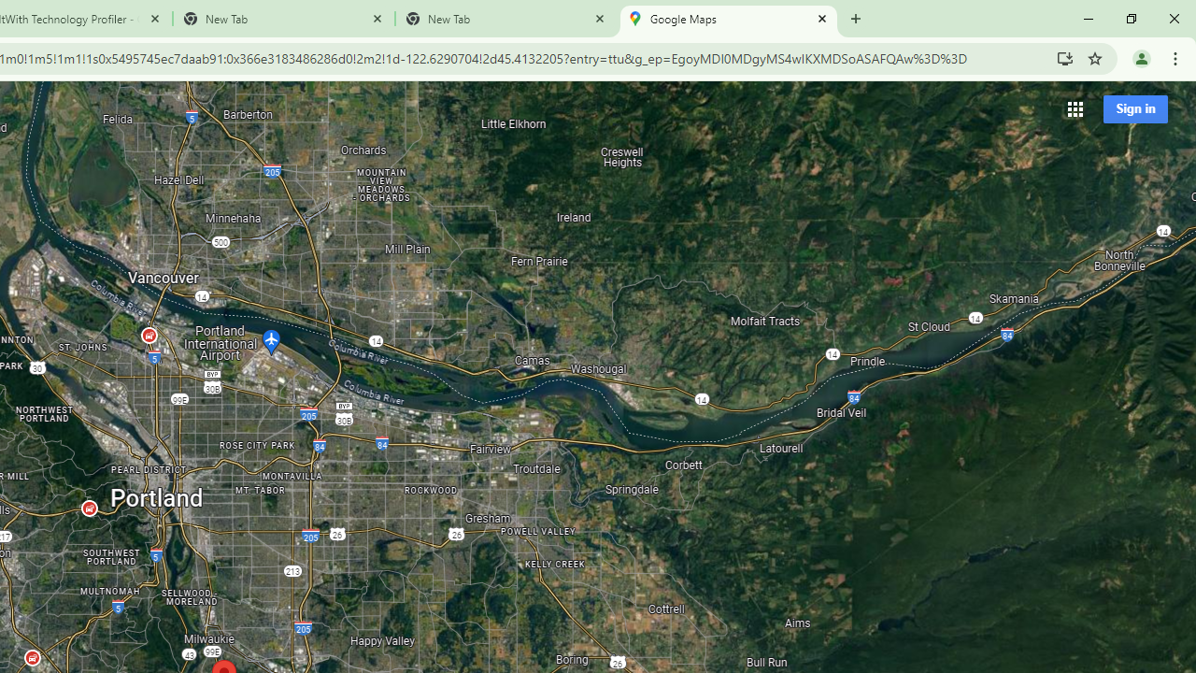  What do you see at coordinates (505, 19) in the screenshot?
I see `'New Tab'` at bounding box center [505, 19].